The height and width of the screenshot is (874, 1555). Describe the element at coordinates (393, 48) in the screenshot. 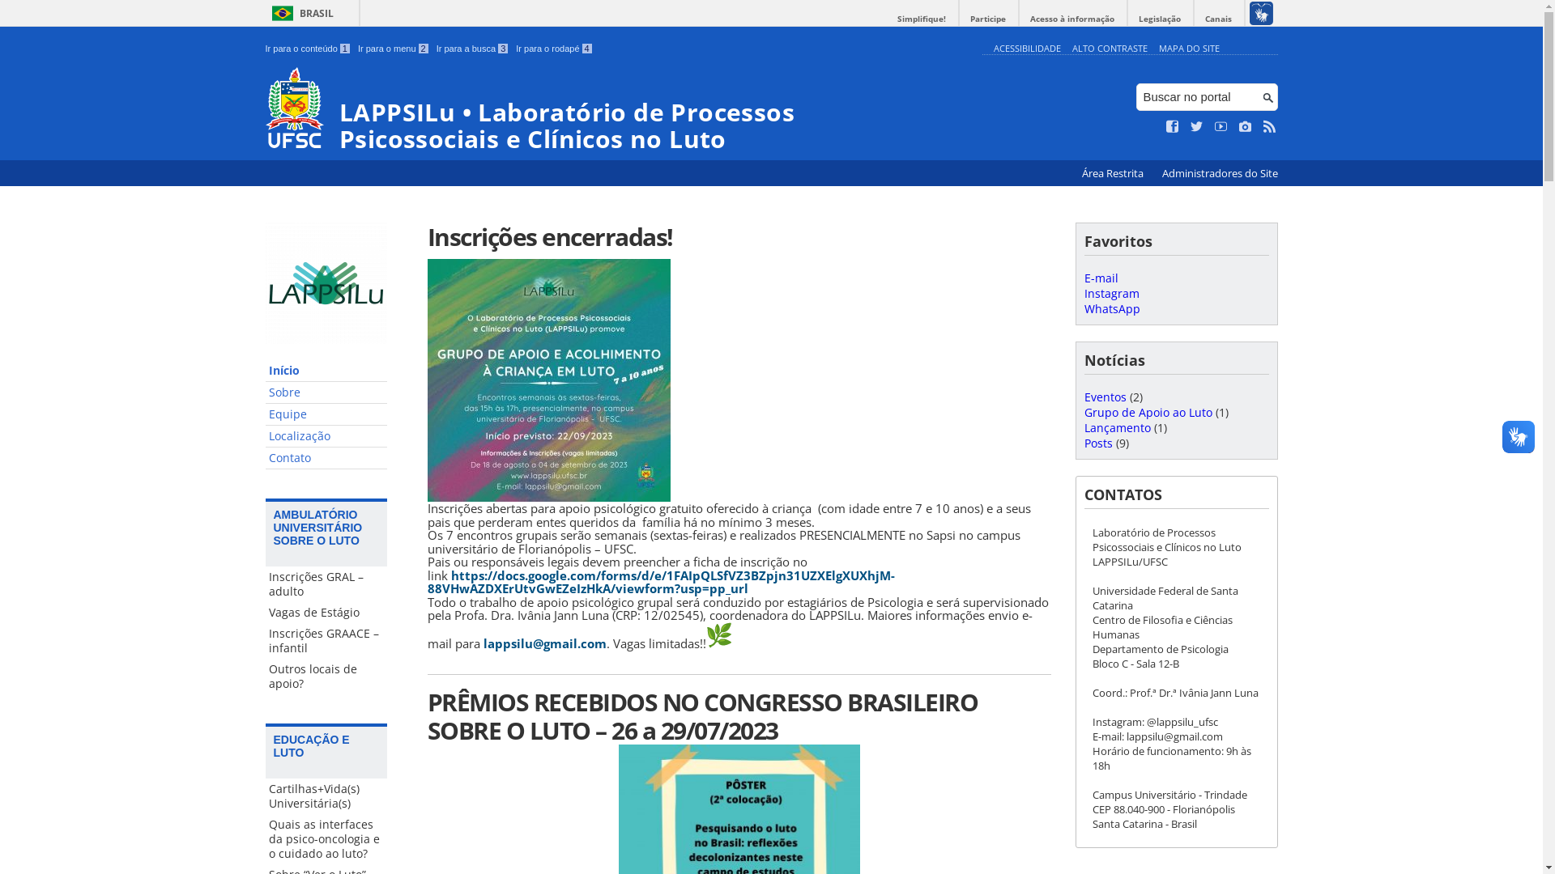

I see `'Ir para o menu 2'` at that location.